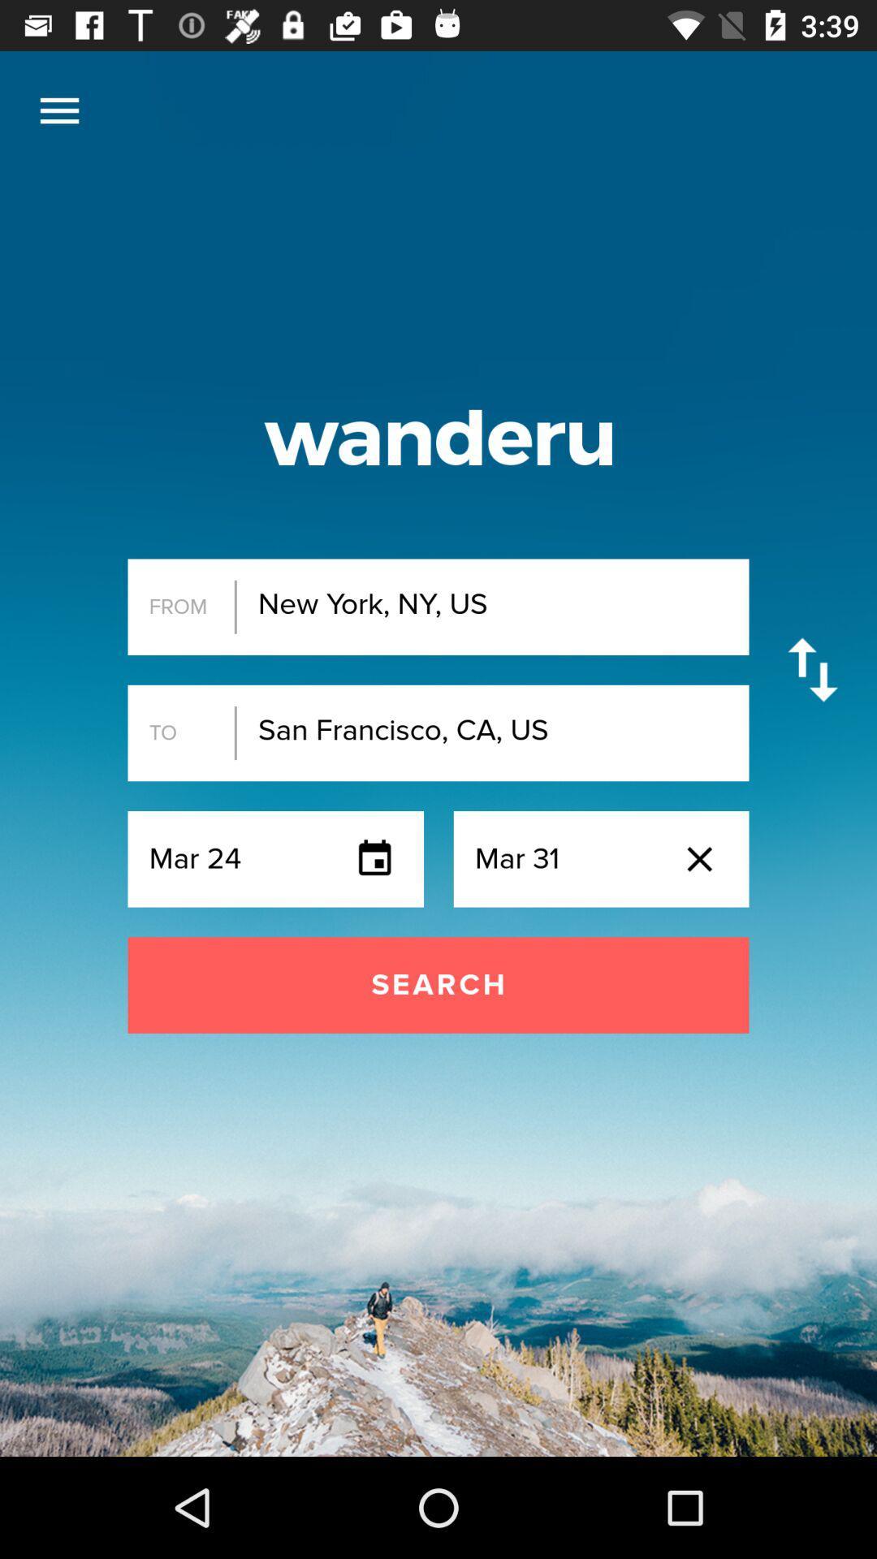 Image resolution: width=877 pixels, height=1559 pixels. Describe the element at coordinates (438, 984) in the screenshot. I see `search` at that location.